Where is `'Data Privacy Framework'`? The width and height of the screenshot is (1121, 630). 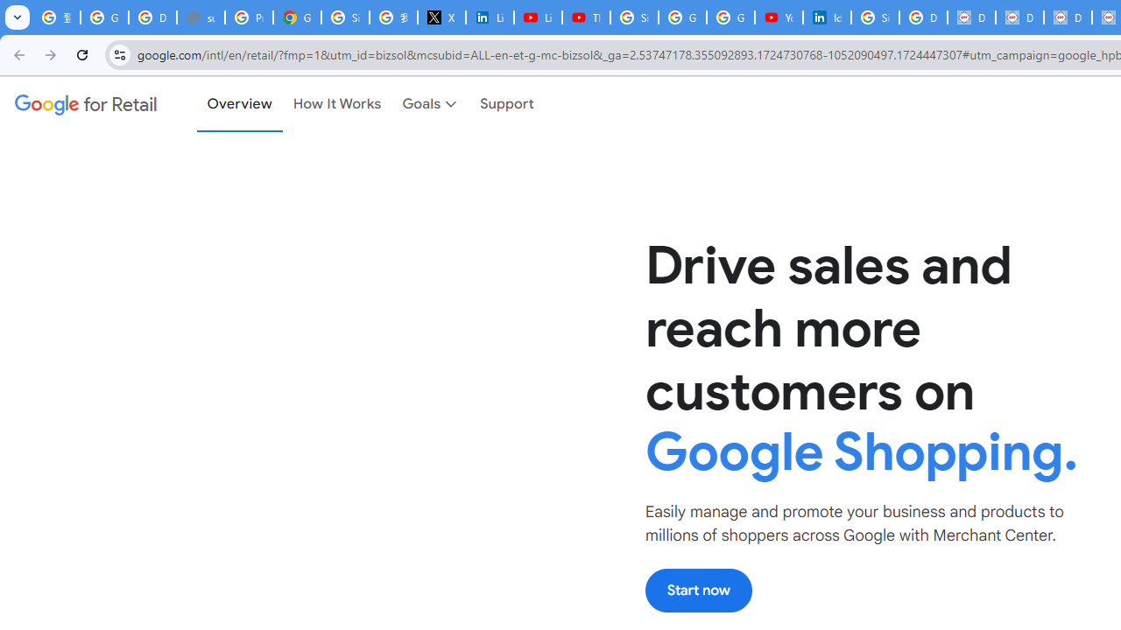
'Data Privacy Framework' is located at coordinates (970, 17).